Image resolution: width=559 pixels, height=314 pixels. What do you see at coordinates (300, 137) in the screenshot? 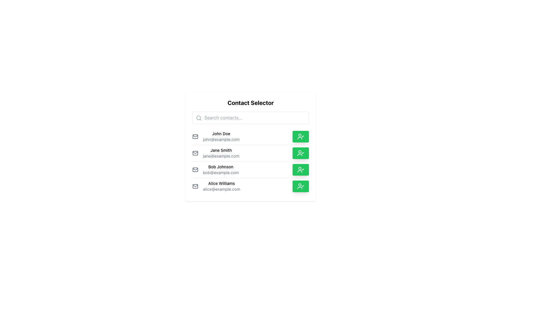
I see `the user icon button with a checkmark next to it, which is the first contact entry ('John Doe') in the right column of the list, to trigger tooltip or highlight effects` at bounding box center [300, 137].